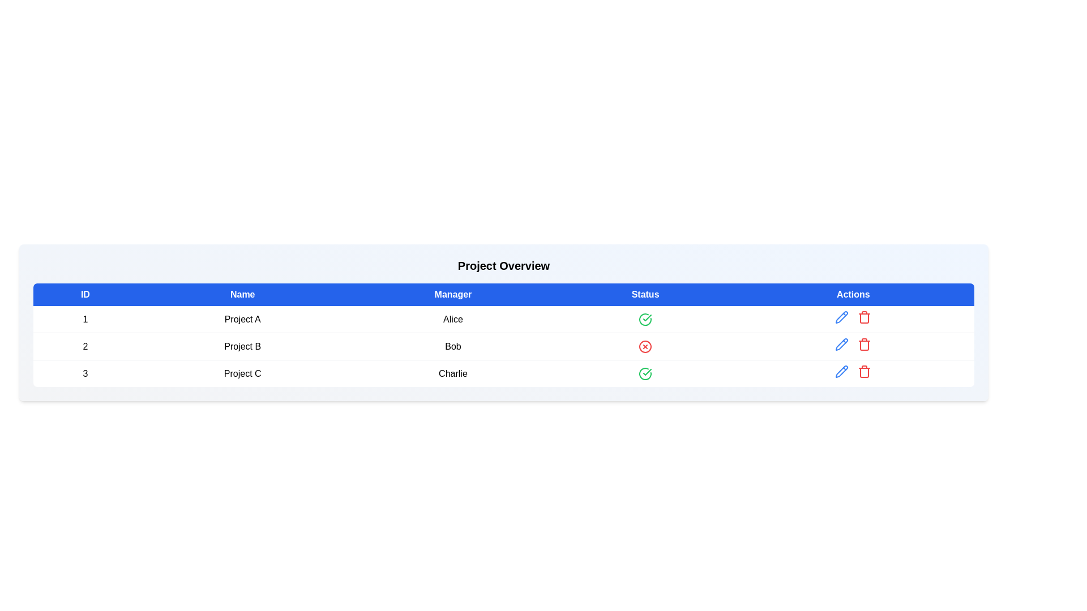 This screenshot has width=1087, height=611. What do you see at coordinates (503, 319) in the screenshot?
I see `the first row of the project data table that displays information about 'Project A', including its ID, name, manager 'Alice', and status` at bounding box center [503, 319].